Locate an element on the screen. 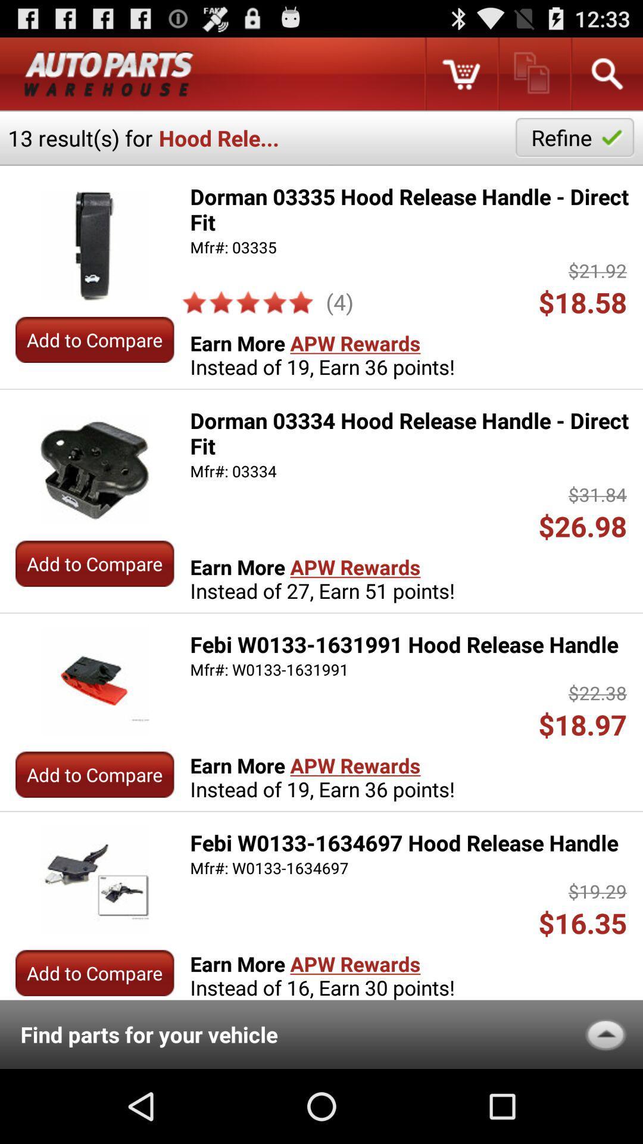  copy option is located at coordinates (533, 73).